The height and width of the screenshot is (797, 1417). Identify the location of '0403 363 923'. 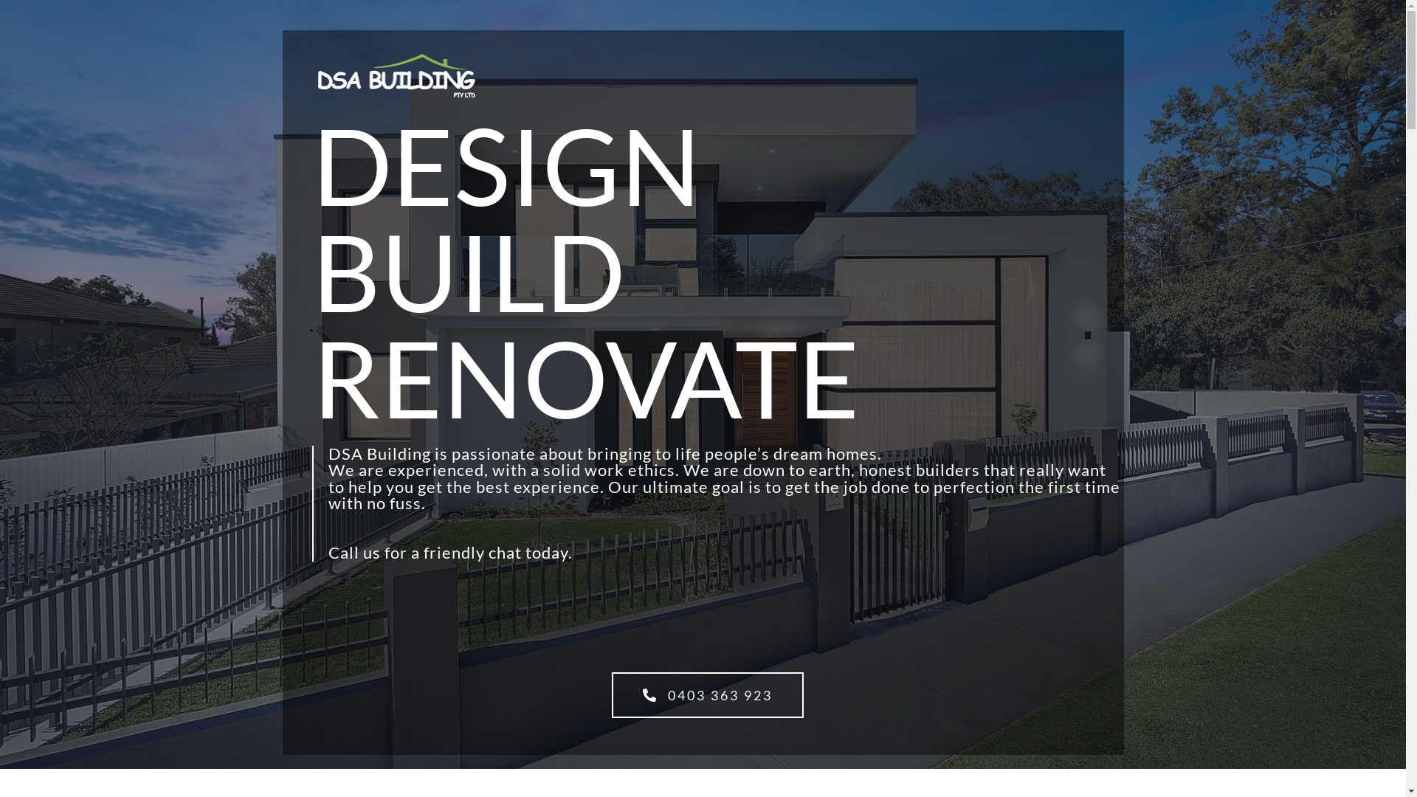
(707, 694).